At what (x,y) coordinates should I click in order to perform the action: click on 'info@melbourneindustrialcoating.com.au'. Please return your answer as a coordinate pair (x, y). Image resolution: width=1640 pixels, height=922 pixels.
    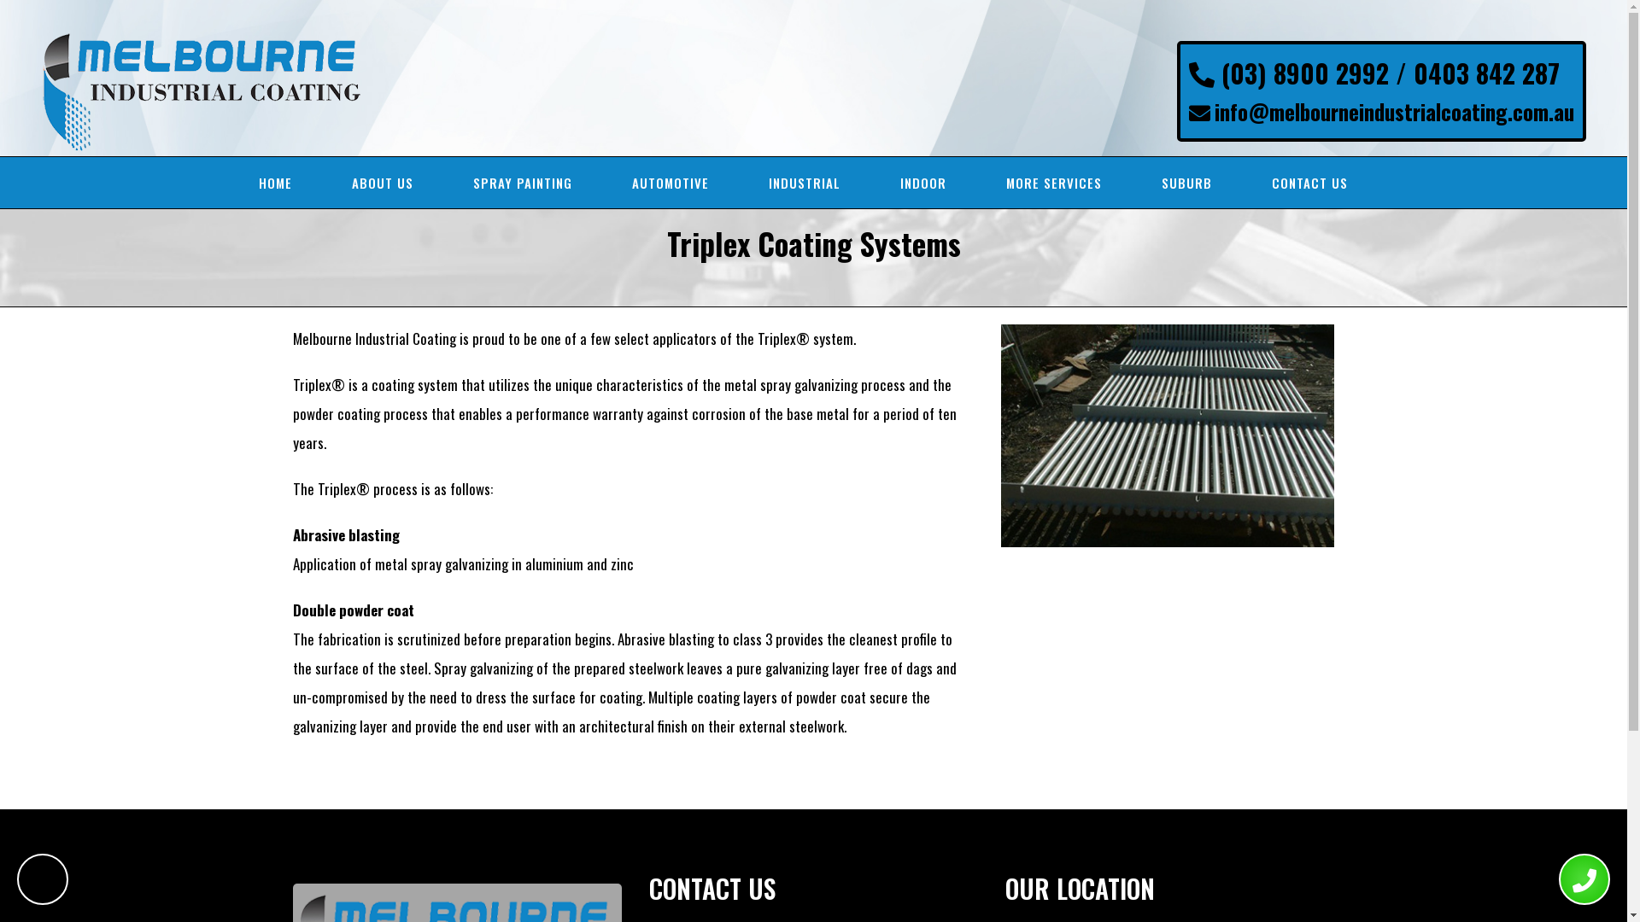
    Looking at the image, I should click on (1394, 111).